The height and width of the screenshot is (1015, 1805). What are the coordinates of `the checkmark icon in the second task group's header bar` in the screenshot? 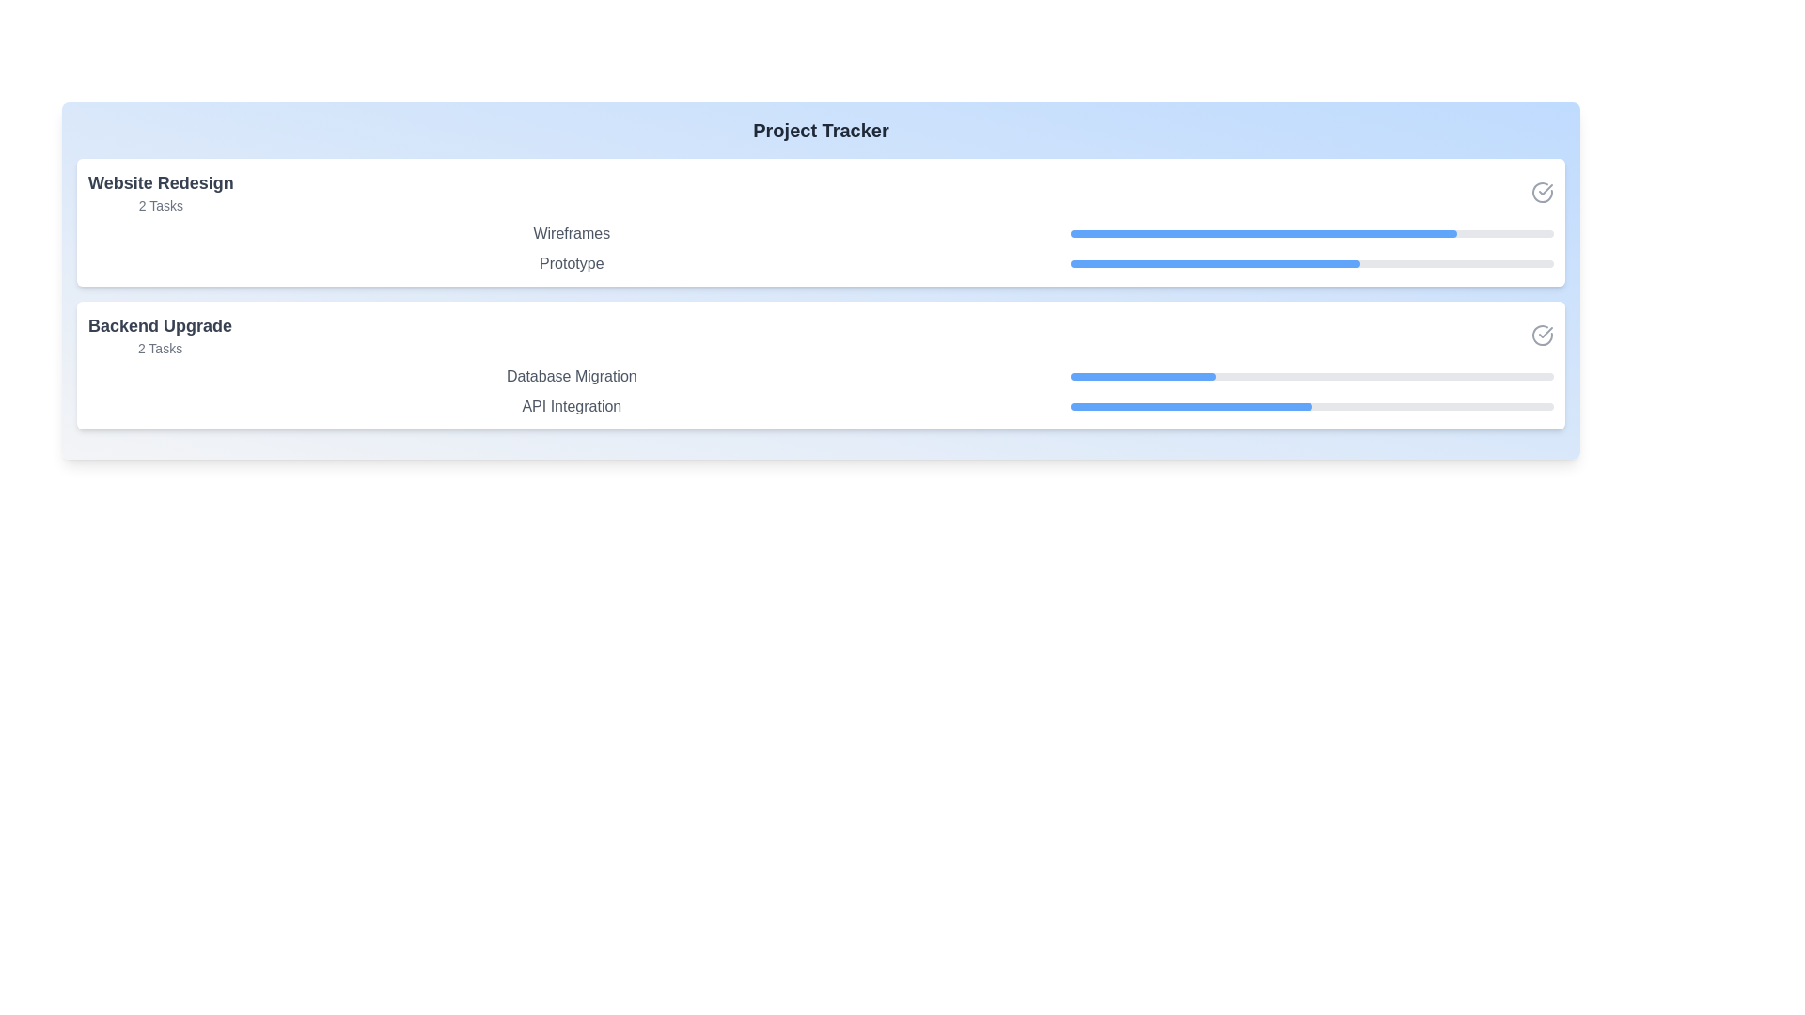 It's located at (1546, 332).